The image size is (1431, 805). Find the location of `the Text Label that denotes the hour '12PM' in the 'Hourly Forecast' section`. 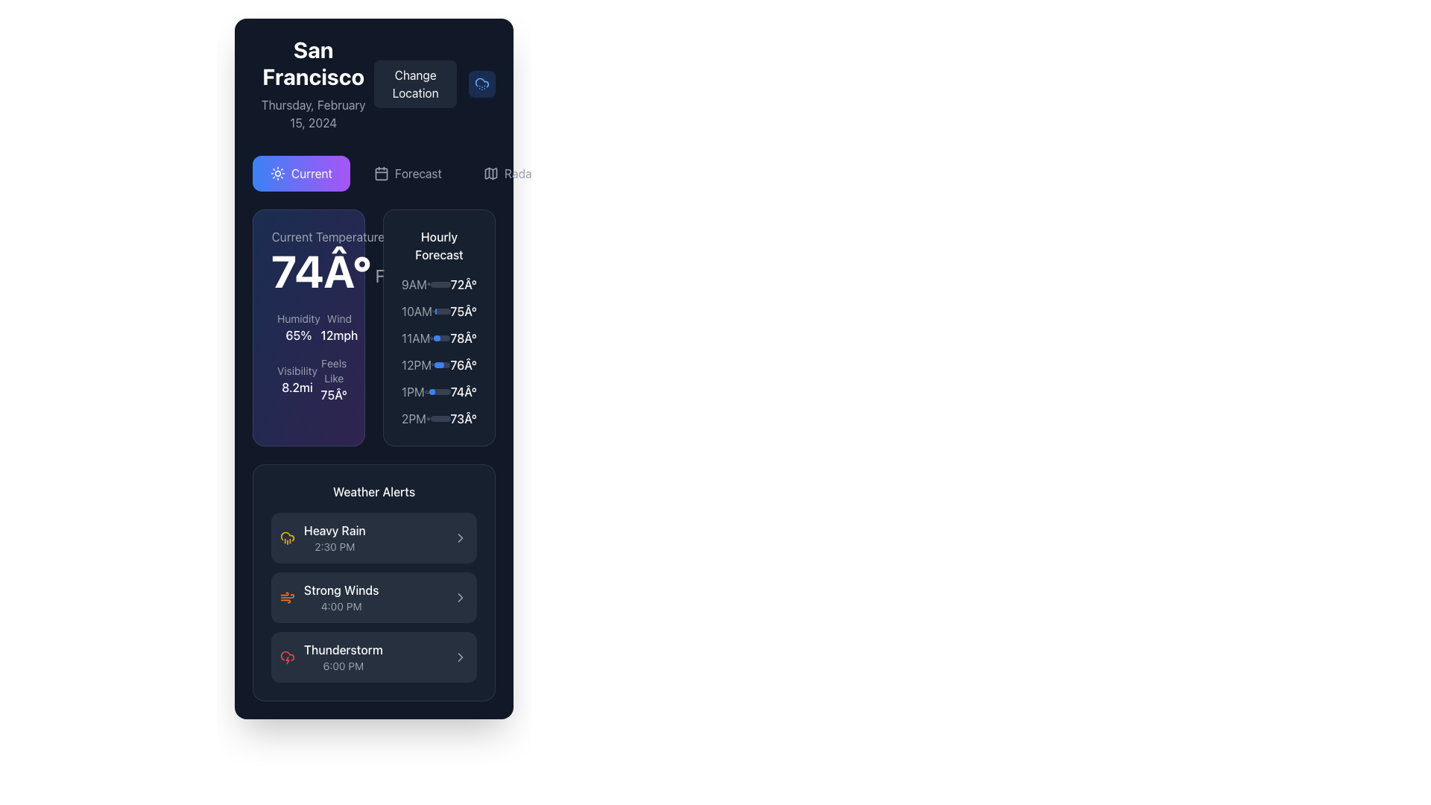

the Text Label that denotes the hour '12PM' in the 'Hourly Forecast' section is located at coordinates (416, 364).